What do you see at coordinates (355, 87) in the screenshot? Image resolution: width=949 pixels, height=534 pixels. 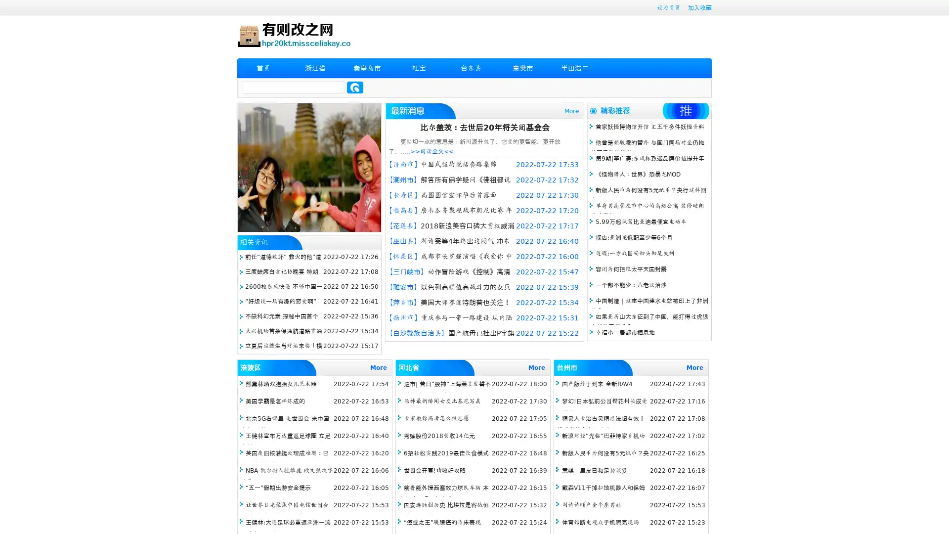 I see `Search` at bounding box center [355, 87].